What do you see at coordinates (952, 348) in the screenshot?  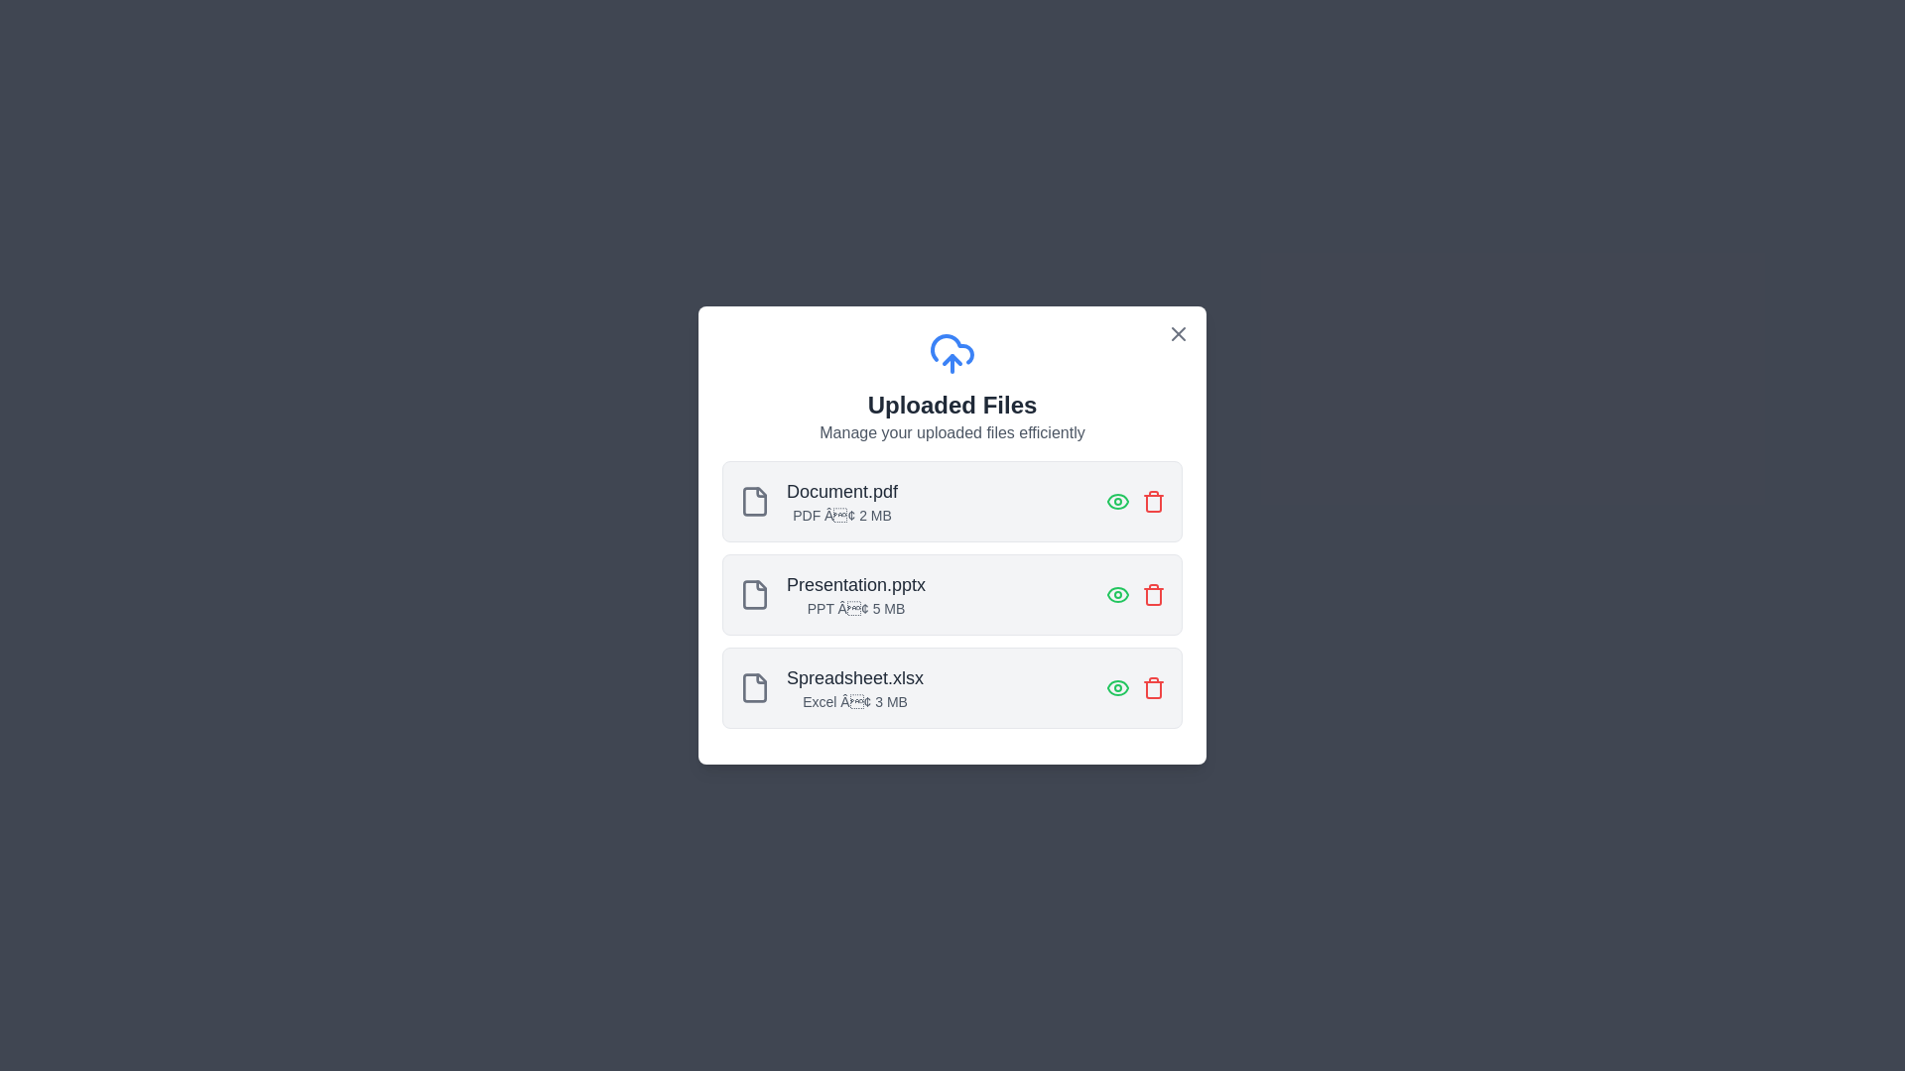 I see `the decorative cloud upload icon located at the center of the dialog box, above the 'Uploaded Files' text` at bounding box center [952, 348].